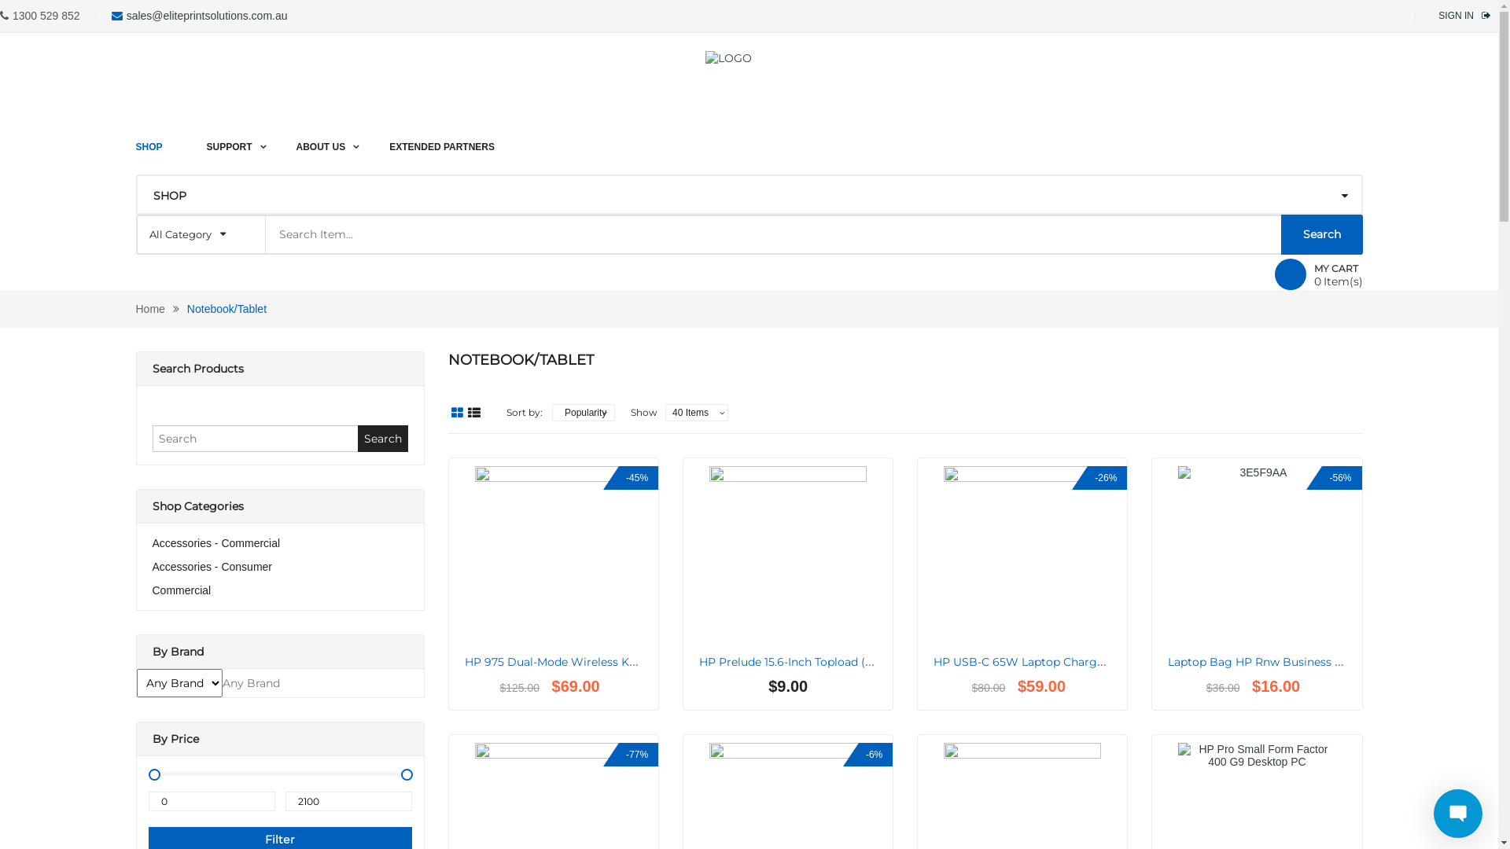 The width and height of the screenshot is (1510, 849). What do you see at coordinates (127, 15) in the screenshot?
I see `'sales@eliteprintsolutions.com.au'` at bounding box center [127, 15].